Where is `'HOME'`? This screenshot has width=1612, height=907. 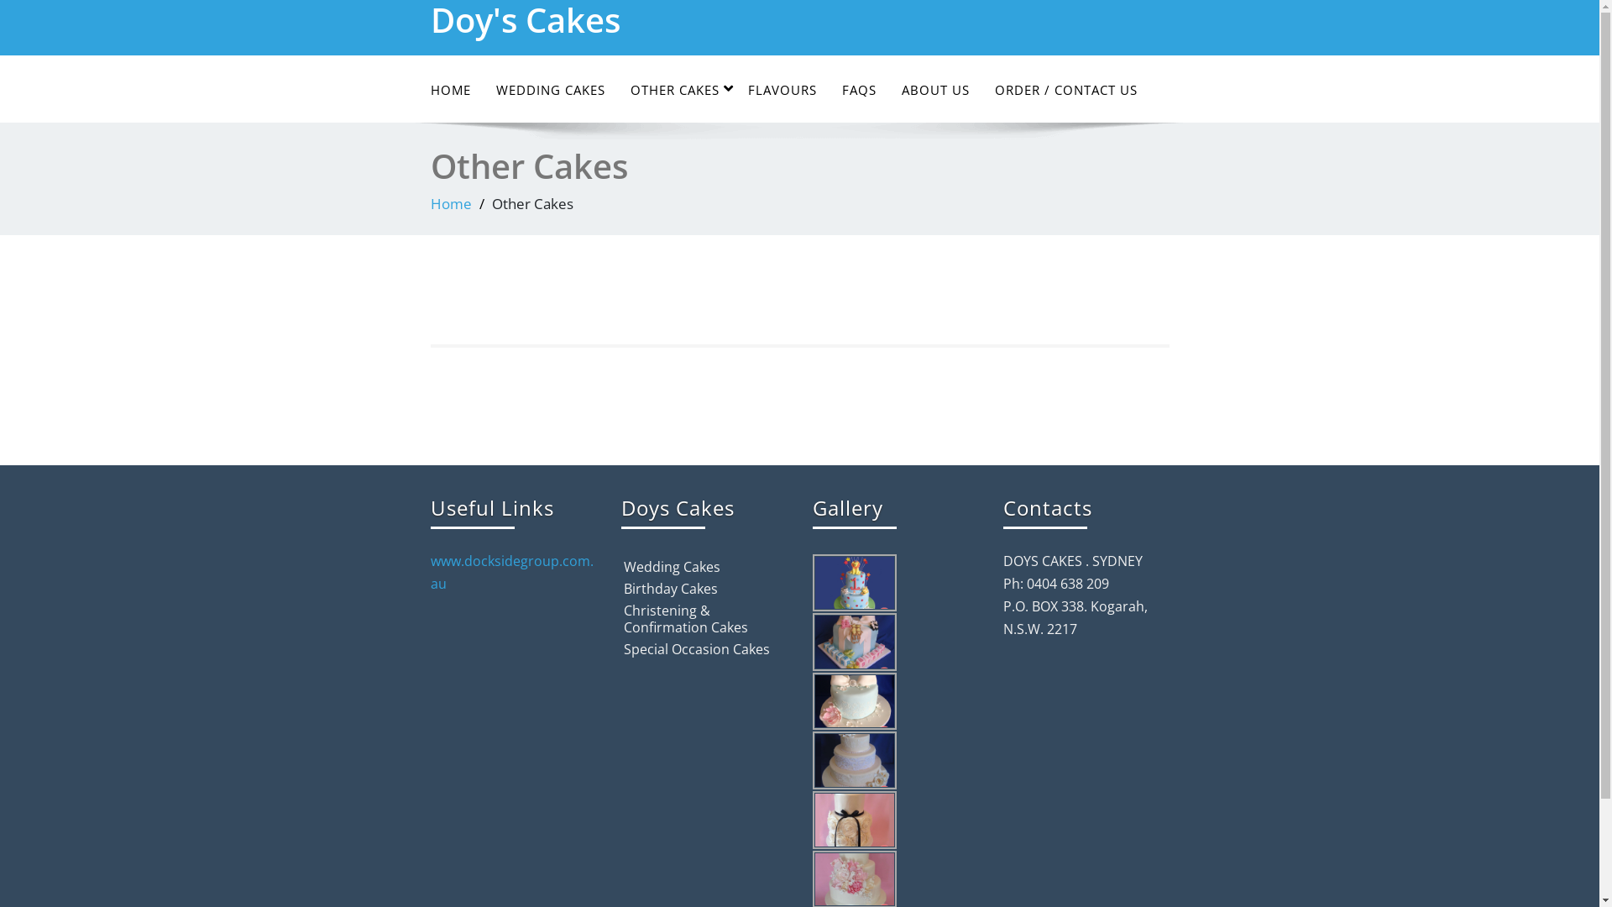 'HOME' is located at coordinates (451, 90).